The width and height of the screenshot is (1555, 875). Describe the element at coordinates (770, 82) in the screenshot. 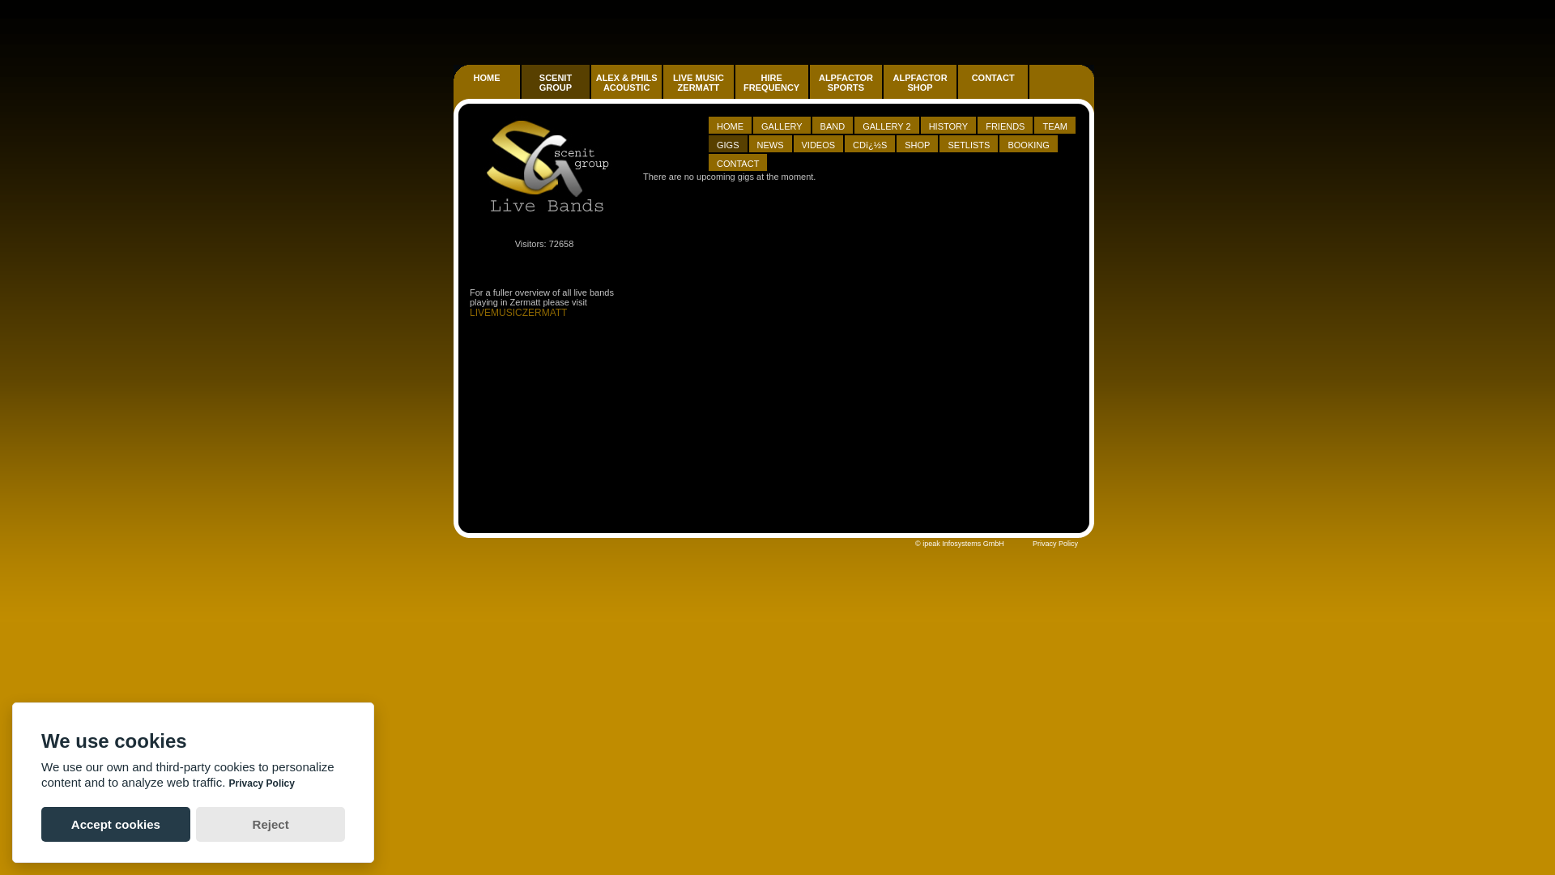

I see `'HIRE` at that location.